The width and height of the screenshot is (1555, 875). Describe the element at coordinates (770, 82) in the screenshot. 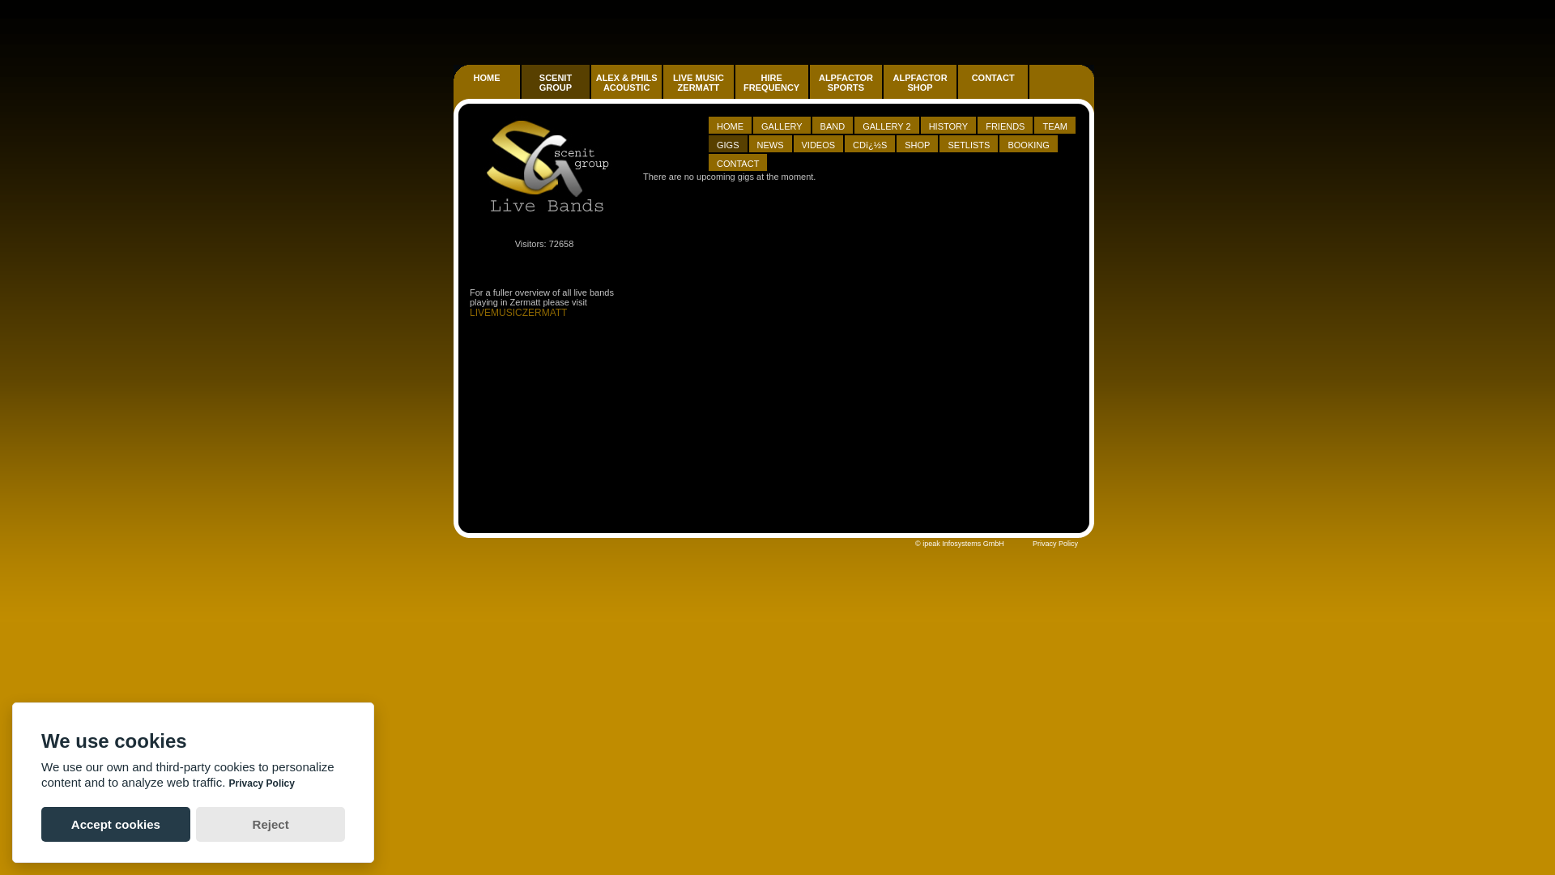

I see `'HIRE` at that location.